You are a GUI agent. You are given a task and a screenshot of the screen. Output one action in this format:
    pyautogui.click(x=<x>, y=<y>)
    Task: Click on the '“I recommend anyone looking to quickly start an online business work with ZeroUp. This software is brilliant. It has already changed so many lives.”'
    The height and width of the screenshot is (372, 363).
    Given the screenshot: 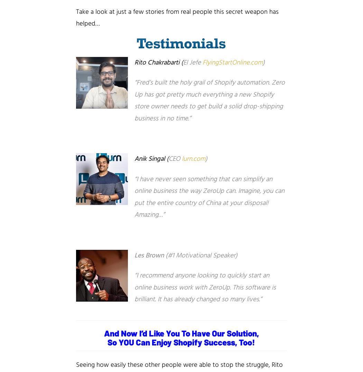 What is the action you would take?
    pyautogui.click(x=205, y=287)
    